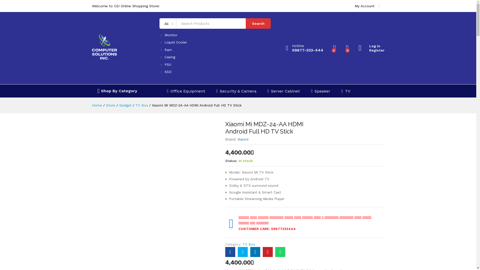 Image resolution: width=480 pixels, height=270 pixels. What do you see at coordinates (341, 91) in the screenshot?
I see `'TV'` at bounding box center [341, 91].